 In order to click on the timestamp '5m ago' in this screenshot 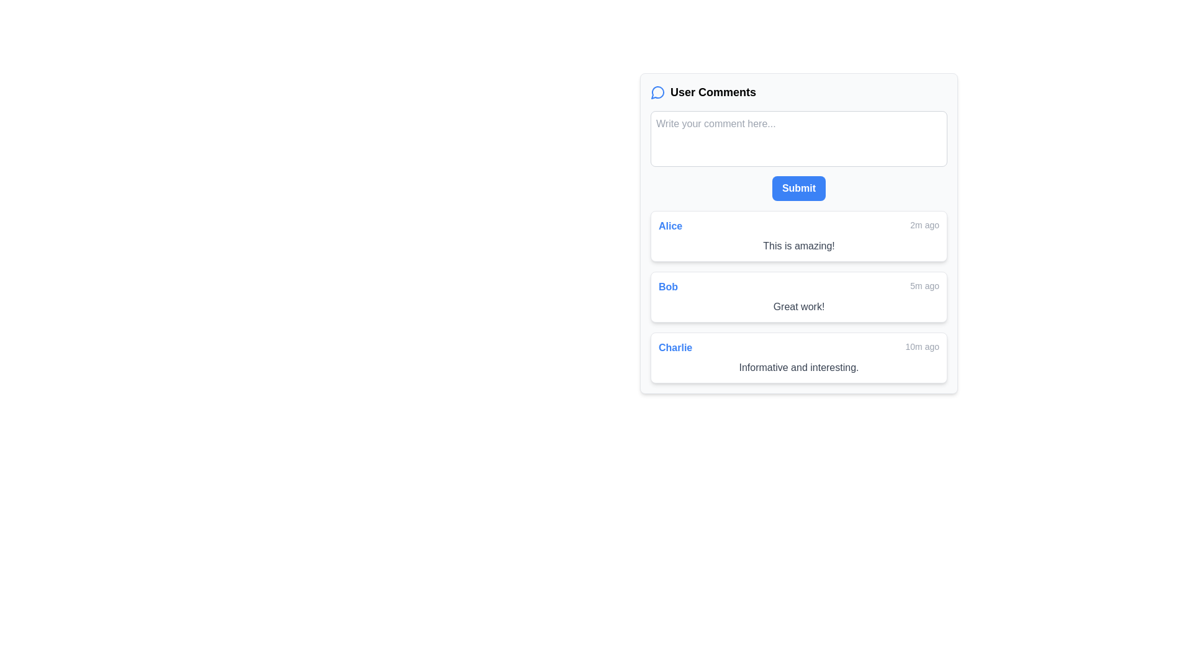, I will do `click(798, 297)`.